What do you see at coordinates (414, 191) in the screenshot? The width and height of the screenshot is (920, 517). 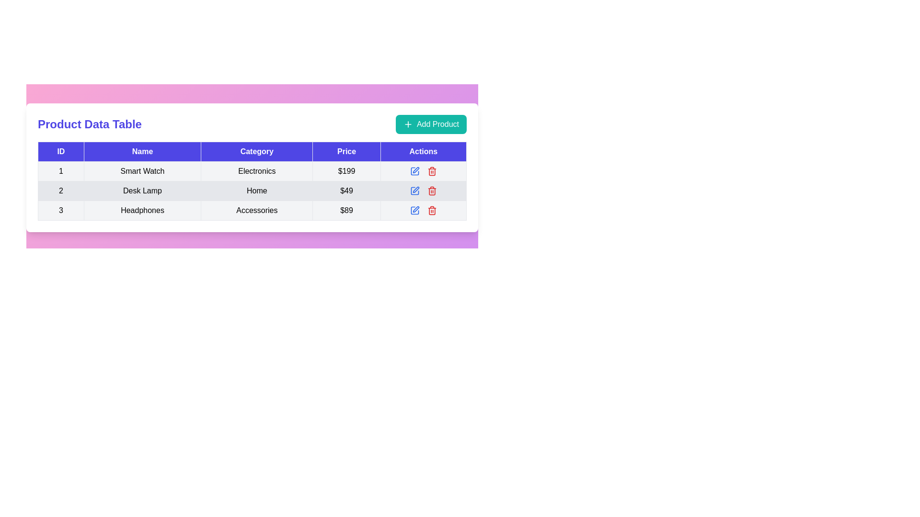 I see `the blue pen icon in the Actions column of the table row for 'Desk Lamp' to initiate the editing action` at bounding box center [414, 191].